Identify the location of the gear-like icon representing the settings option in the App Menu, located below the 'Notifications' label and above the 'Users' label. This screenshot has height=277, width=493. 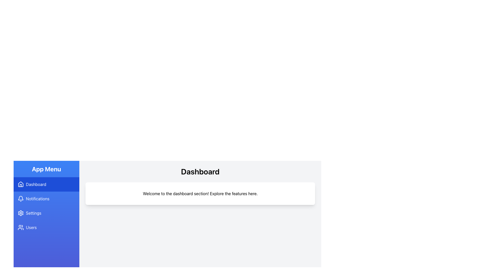
(21, 213).